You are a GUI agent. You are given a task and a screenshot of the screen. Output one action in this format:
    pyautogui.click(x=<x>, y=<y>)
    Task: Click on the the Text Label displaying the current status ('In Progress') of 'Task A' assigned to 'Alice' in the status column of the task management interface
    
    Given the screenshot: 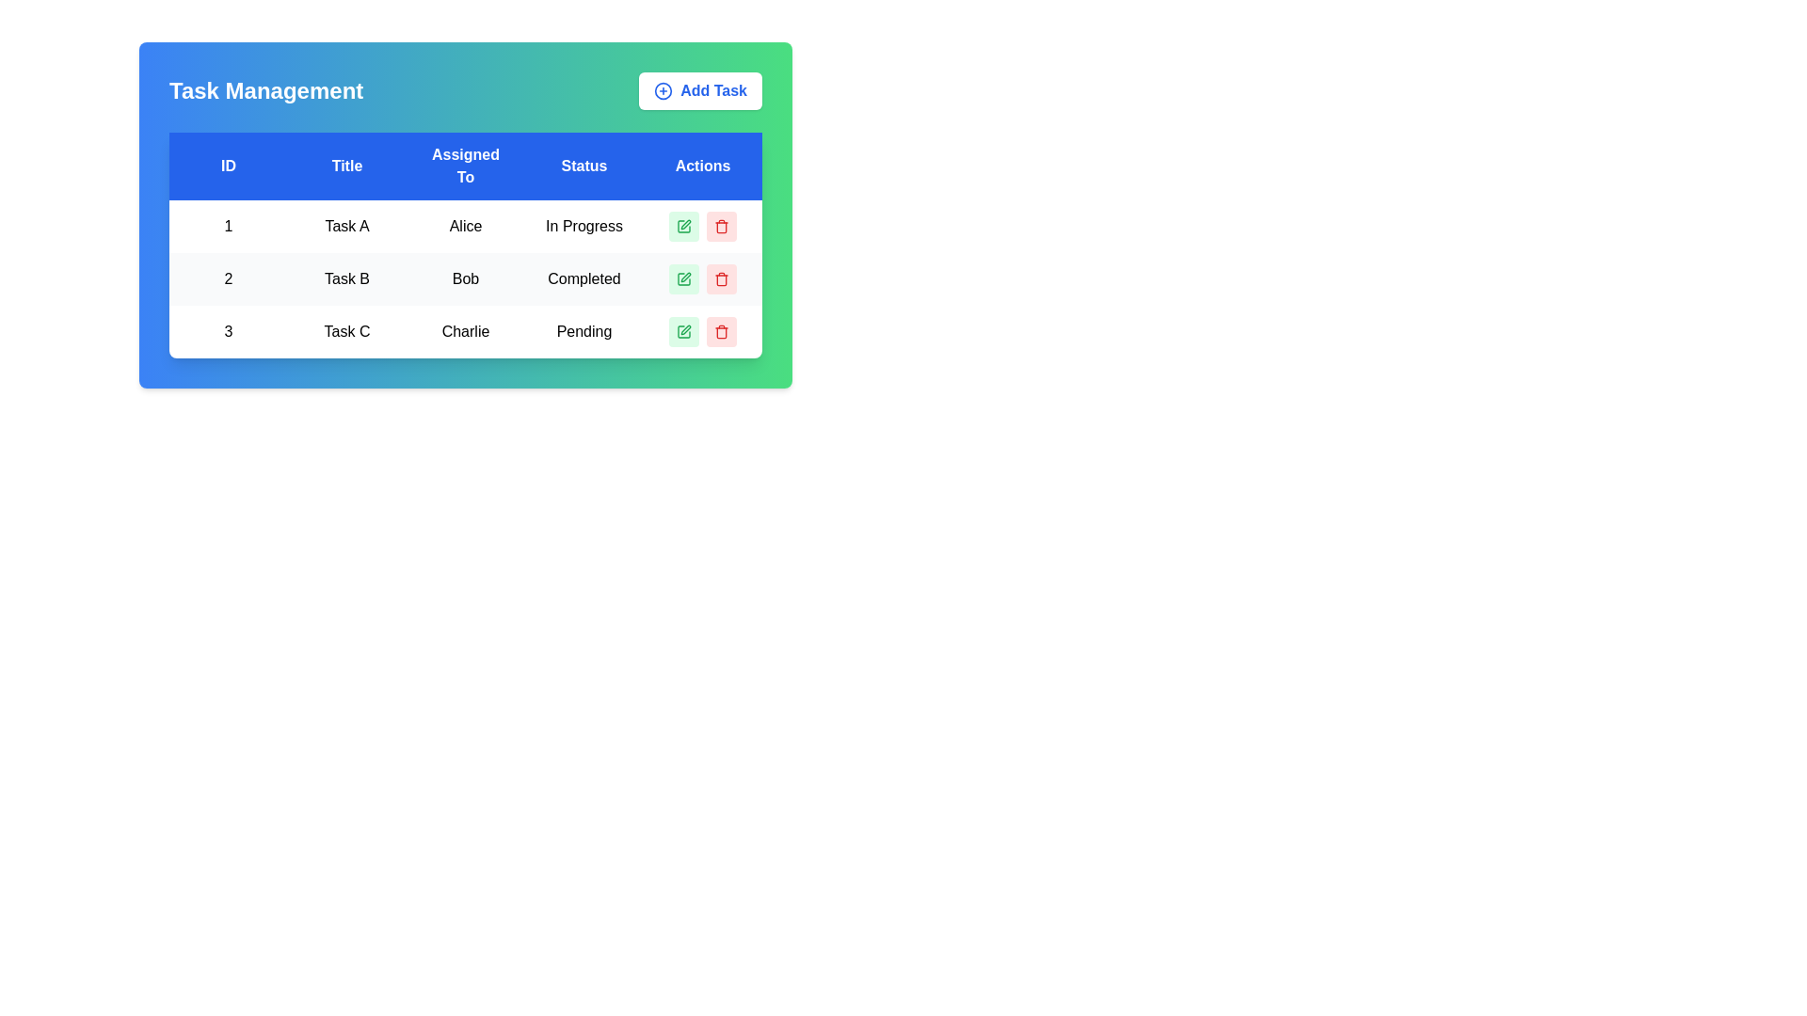 What is the action you would take?
    pyautogui.click(x=583, y=225)
    